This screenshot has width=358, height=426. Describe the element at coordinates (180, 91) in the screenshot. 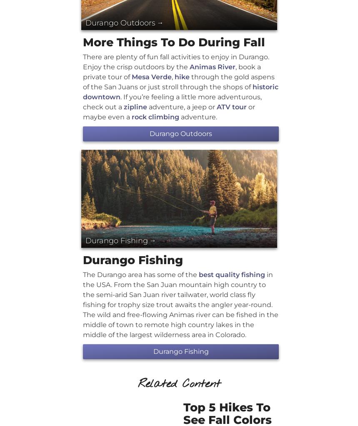

I see `'historic downtown'` at that location.